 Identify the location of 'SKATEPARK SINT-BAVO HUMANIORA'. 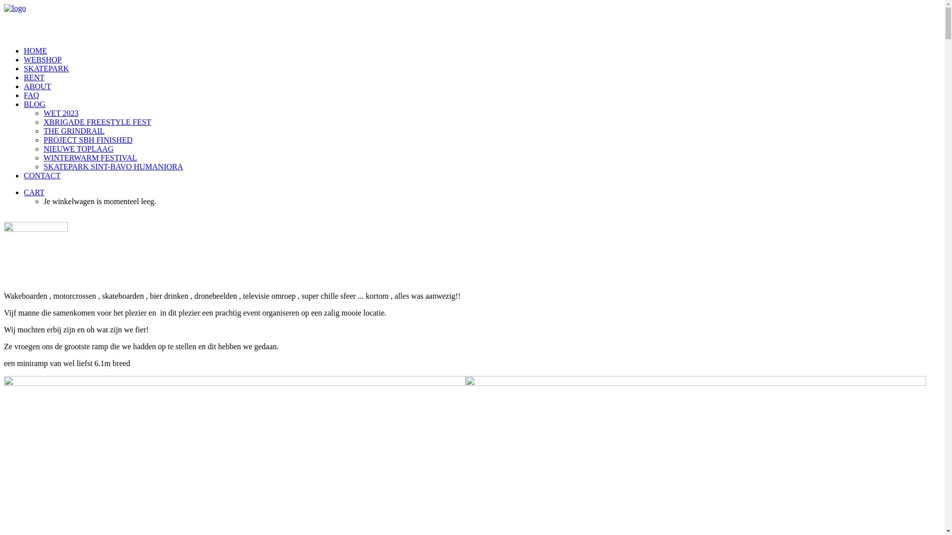
(492, 166).